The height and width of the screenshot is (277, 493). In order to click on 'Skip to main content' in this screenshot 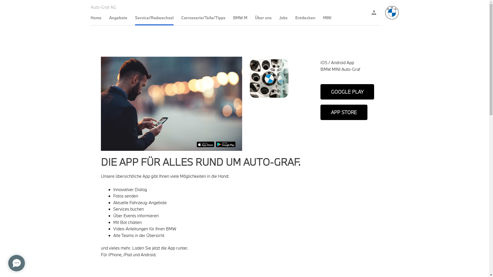, I will do `click(0, 0)`.